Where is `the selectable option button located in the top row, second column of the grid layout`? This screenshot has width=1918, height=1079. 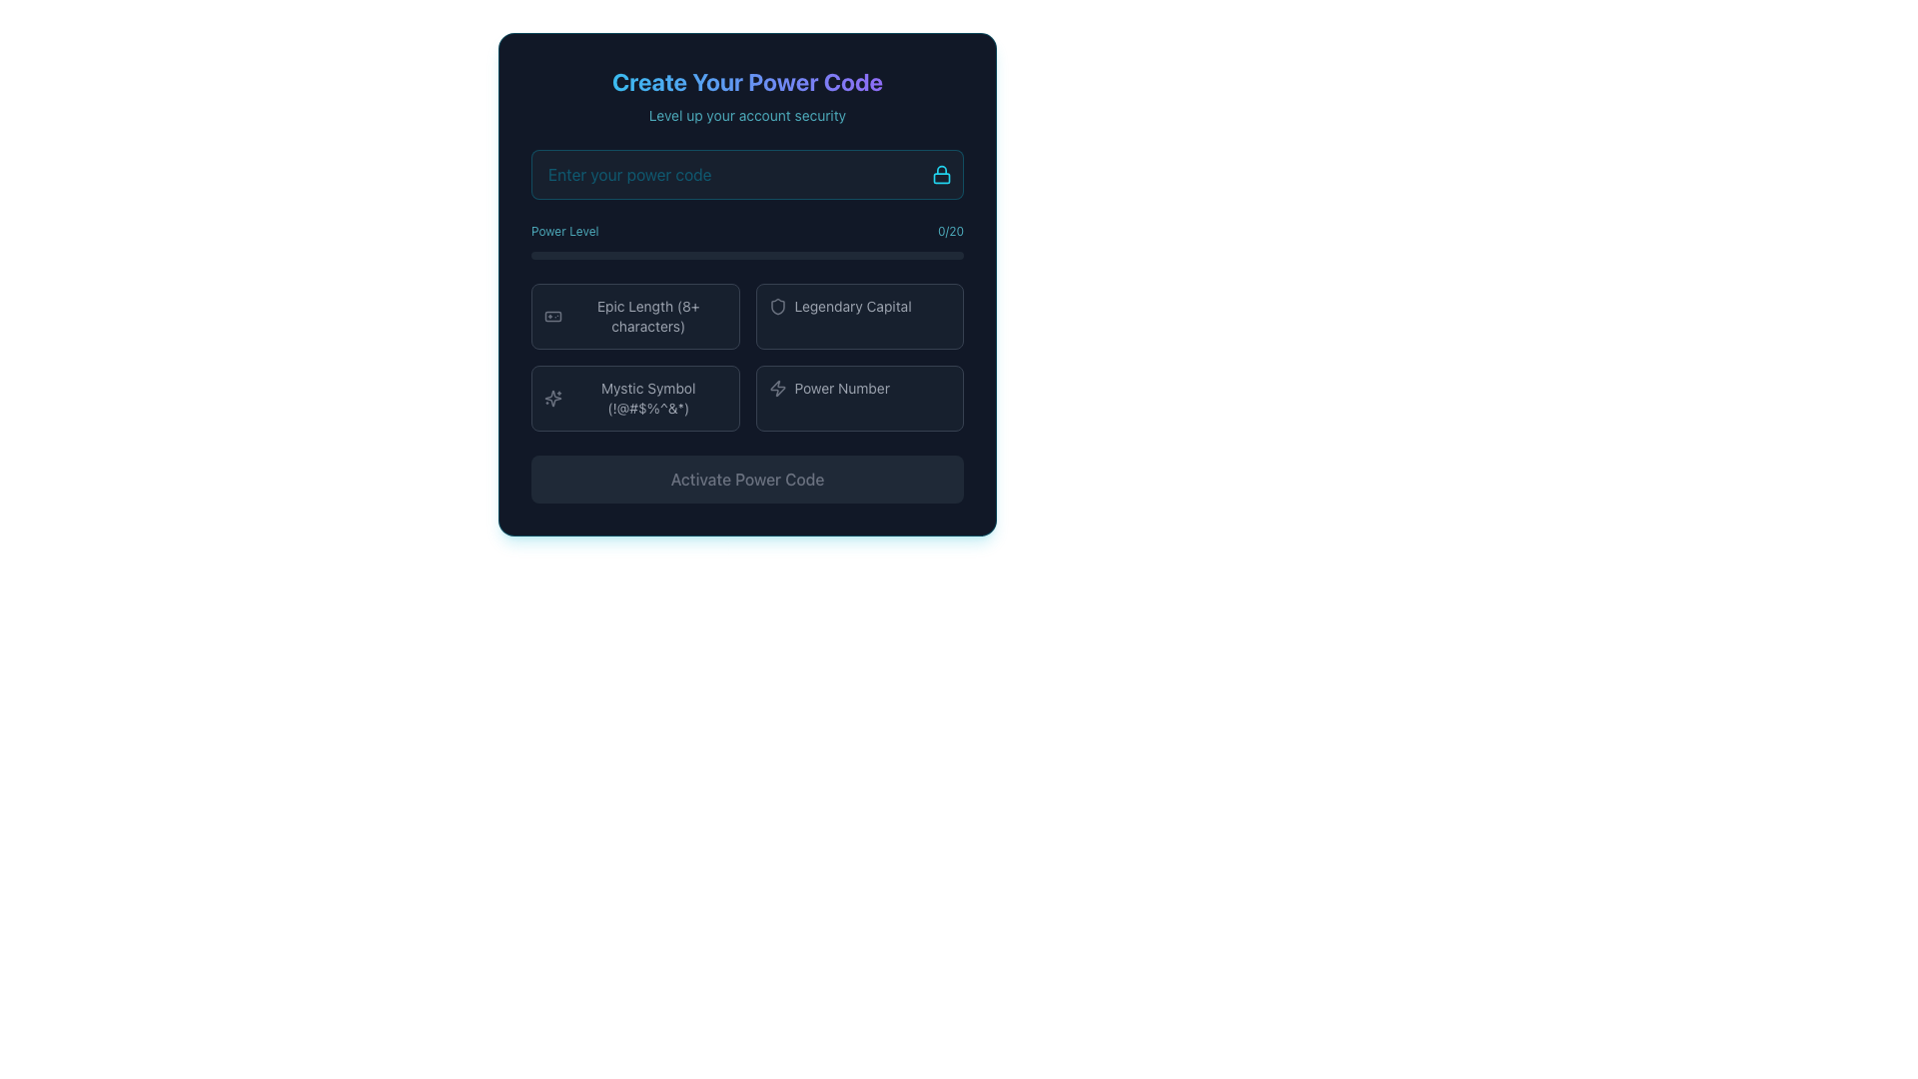 the selectable option button located in the top row, second column of the grid layout is located at coordinates (859, 315).